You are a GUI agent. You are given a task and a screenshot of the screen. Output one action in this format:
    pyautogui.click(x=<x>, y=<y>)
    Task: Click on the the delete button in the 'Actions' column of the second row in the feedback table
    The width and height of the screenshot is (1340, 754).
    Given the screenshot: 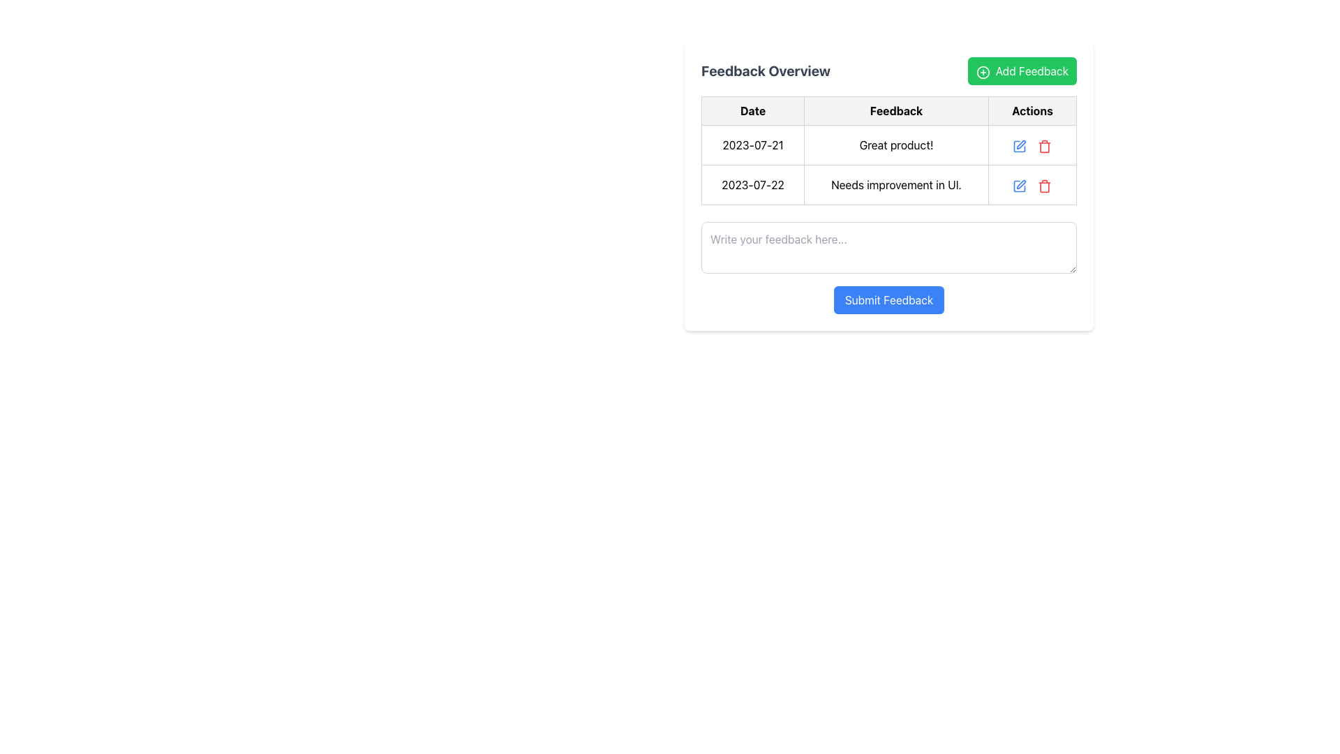 What is the action you would take?
    pyautogui.click(x=1045, y=184)
    